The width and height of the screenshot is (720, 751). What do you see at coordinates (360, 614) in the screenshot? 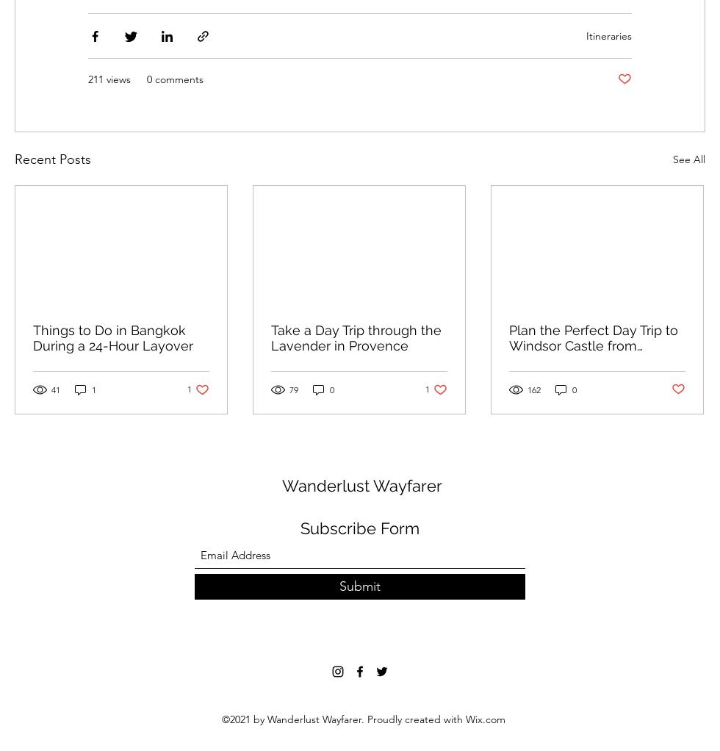
I see `'Thanks for submitting!'` at bounding box center [360, 614].